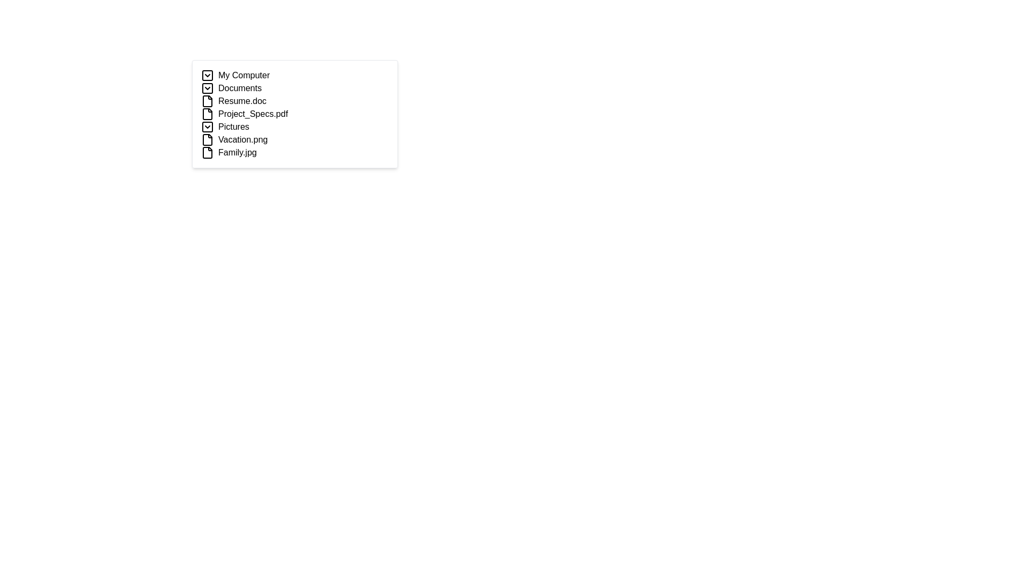 Image resolution: width=1030 pixels, height=579 pixels. What do you see at coordinates (242, 139) in the screenshot?
I see `the text label for the file named 'Vacation.png'` at bounding box center [242, 139].